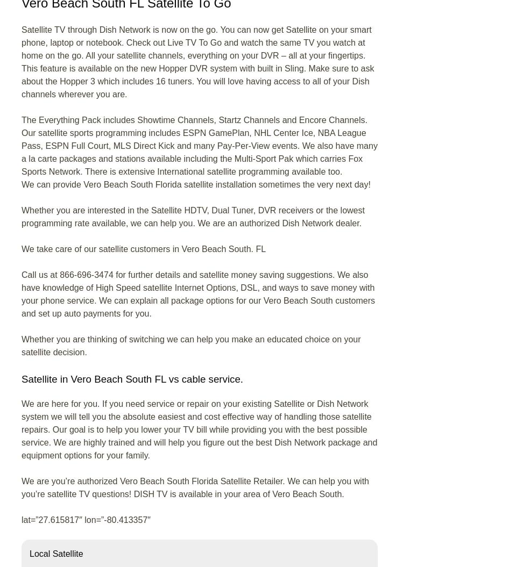 This screenshot has height=567, width=523. What do you see at coordinates (195, 487) in the screenshot?
I see `'We are you’re authorized Vero Beach South Florida Satellite Retailer. We can help you with you’re satellite TV questions! DISH TV is available in your area of  Vero Beach South.'` at bounding box center [195, 487].